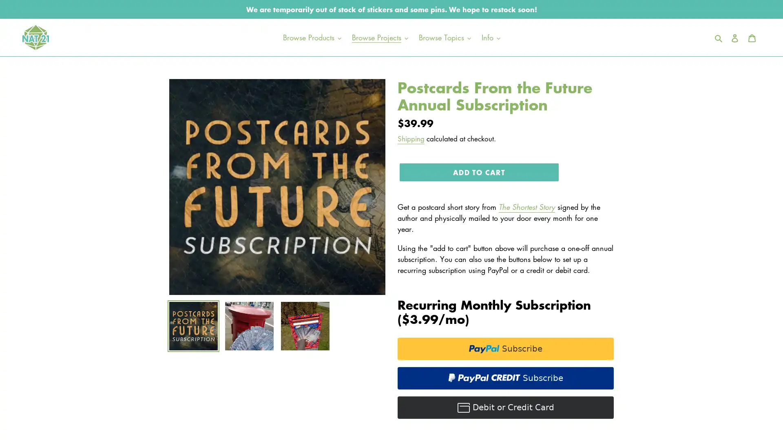 Image resolution: width=783 pixels, height=440 pixels. I want to click on Info, so click(490, 37).